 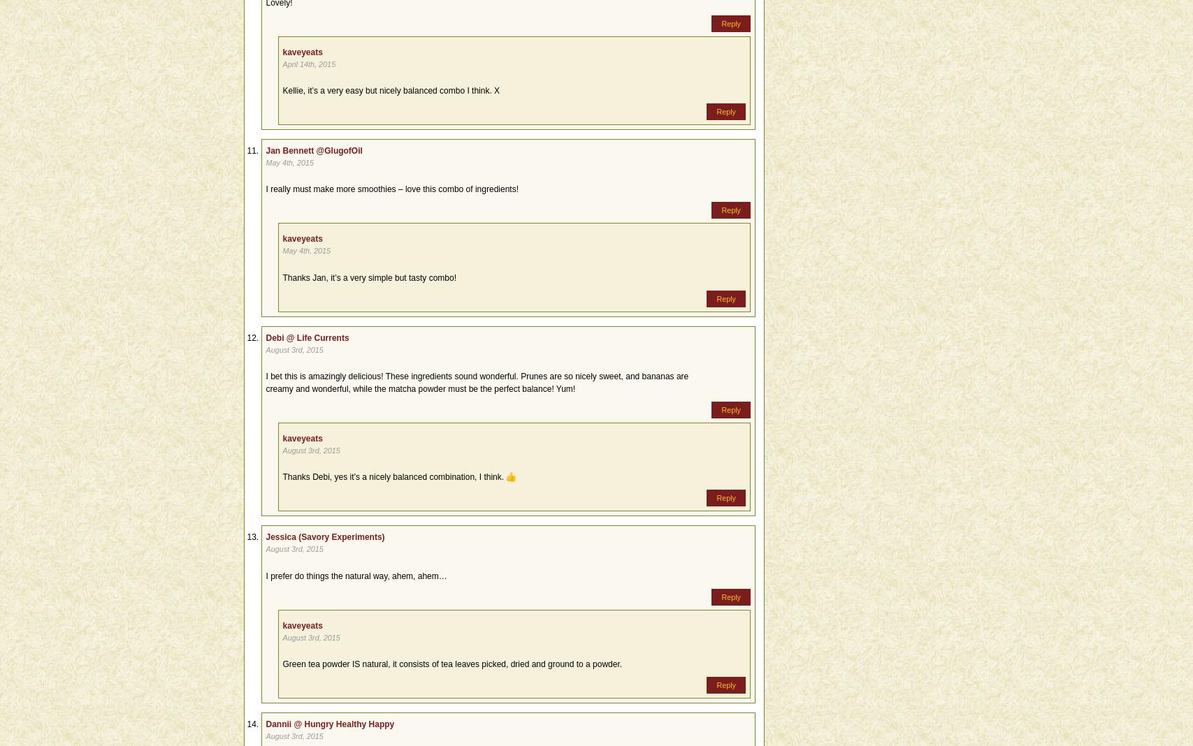 What do you see at coordinates (308, 62) in the screenshot?
I see `'April 14th, 2015'` at bounding box center [308, 62].